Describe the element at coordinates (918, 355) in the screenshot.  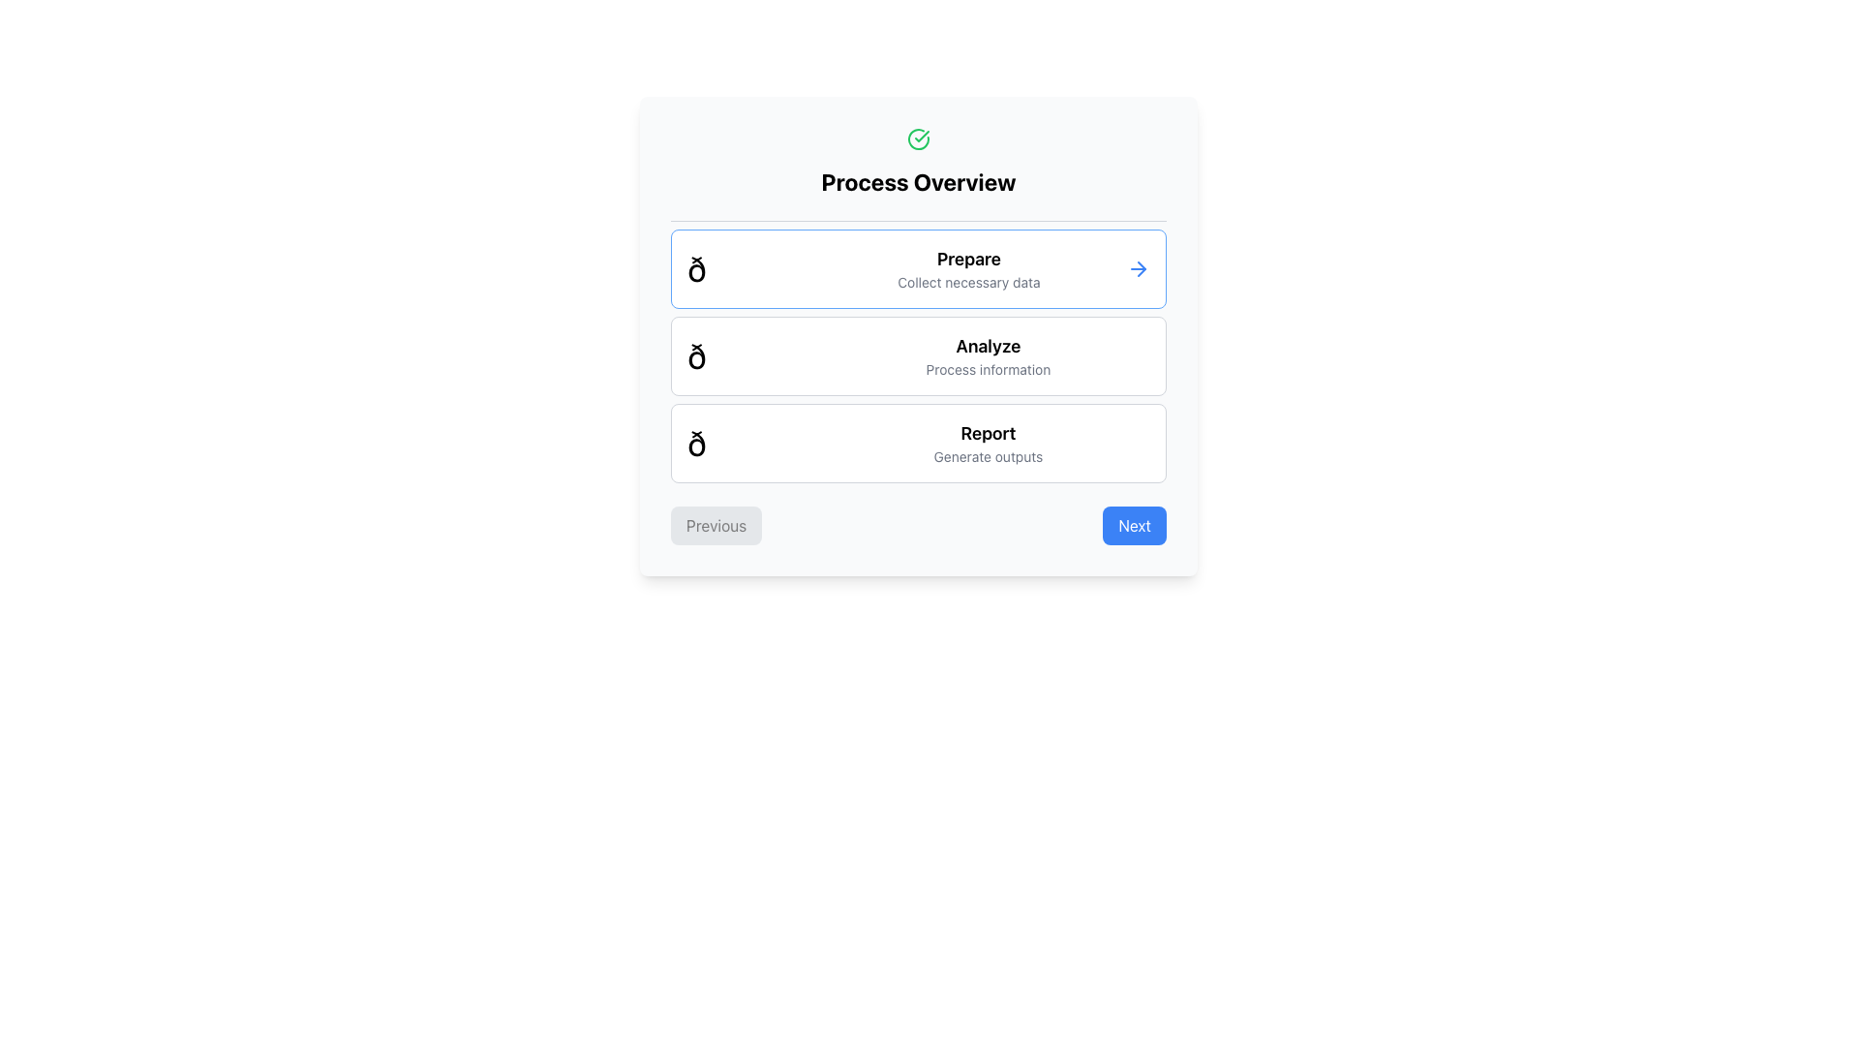
I see `the 'Analyze' Informational card in the Process Overview` at that location.